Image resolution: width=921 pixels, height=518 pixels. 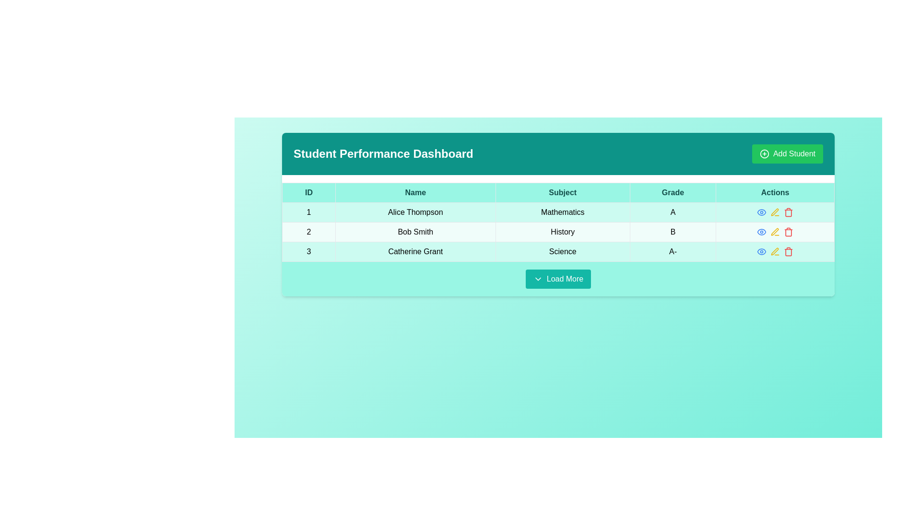 I want to click on the table cell displaying the name 'Catherine Grant' located in the second column of the third row under the 'Name' heading, so click(x=415, y=251).